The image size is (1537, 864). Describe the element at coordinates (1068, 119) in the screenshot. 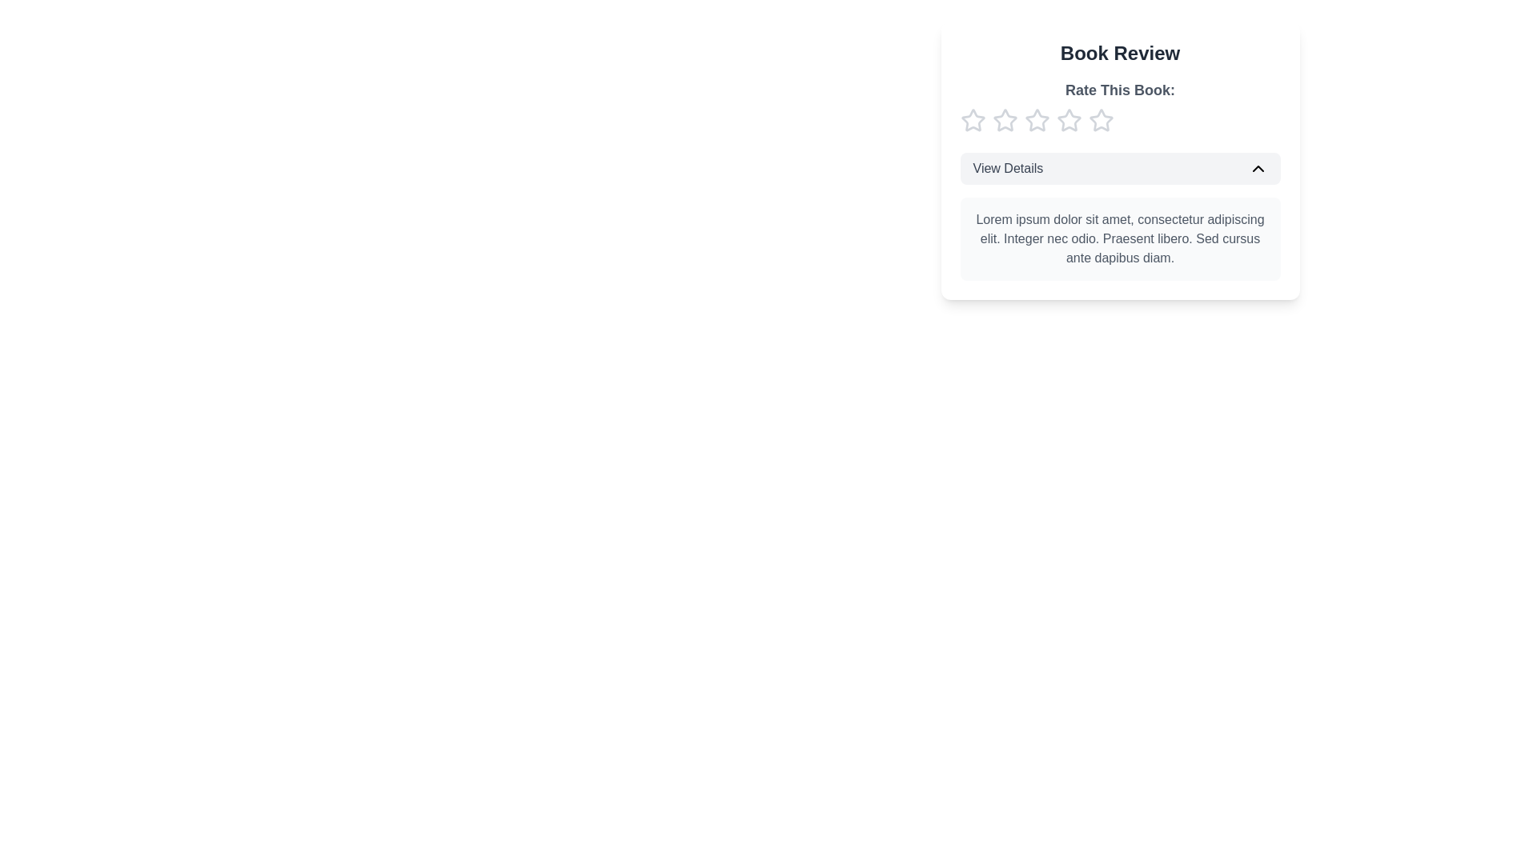

I see `the second star icon in the horizontal row of five star icons` at that location.